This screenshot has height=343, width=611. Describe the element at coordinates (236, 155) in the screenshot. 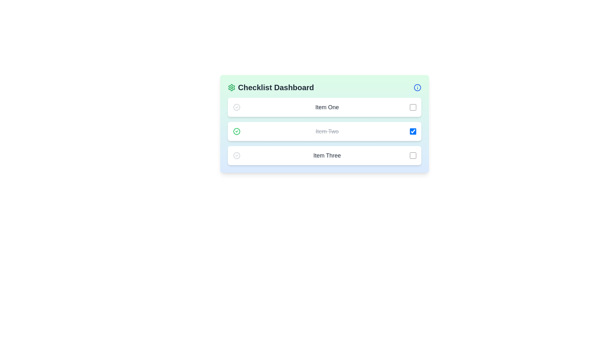

I see `the Decorative icon that serves as a status marker for 'Item Three', located to the left of the text within the third card in a vertical list` at that location.